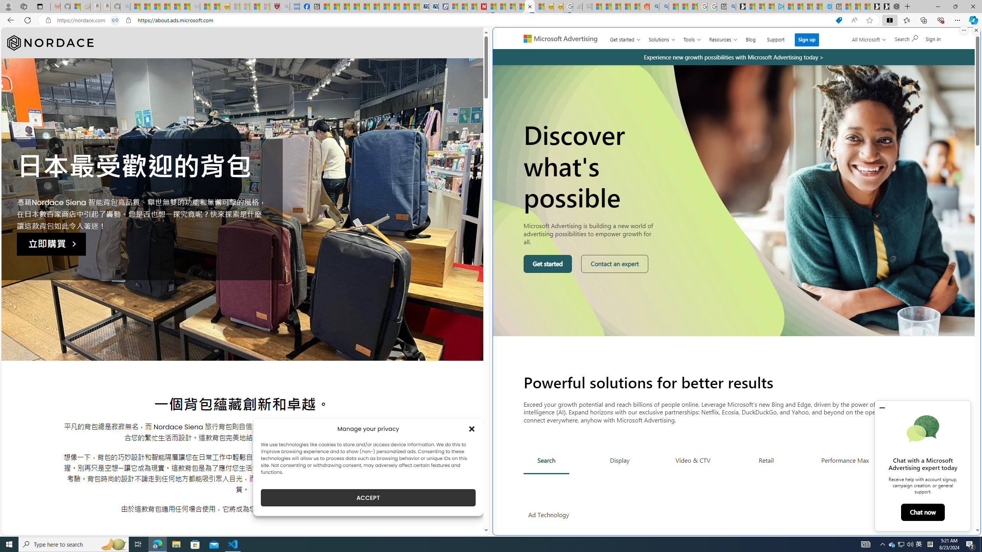  I want to click on 'Student Loan Update: Forgiveness Program Ends This Month', so click(625, 6).